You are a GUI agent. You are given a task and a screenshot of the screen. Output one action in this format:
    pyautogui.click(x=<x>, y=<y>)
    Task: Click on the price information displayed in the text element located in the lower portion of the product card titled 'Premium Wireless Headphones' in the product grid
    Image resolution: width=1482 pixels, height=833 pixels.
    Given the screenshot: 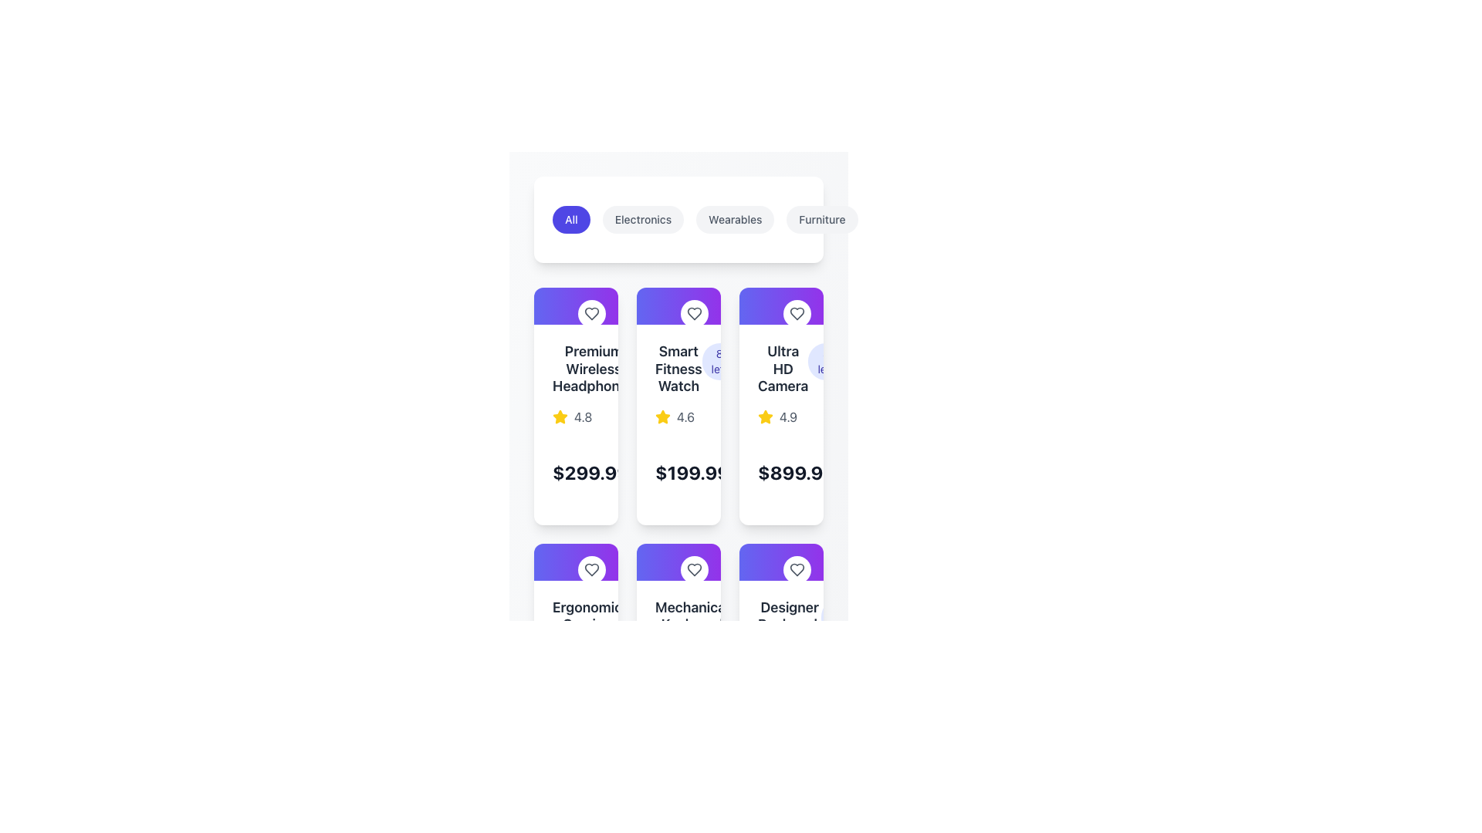 What is the action you would take?
    pyautogui.click(x=575, y=471)
    